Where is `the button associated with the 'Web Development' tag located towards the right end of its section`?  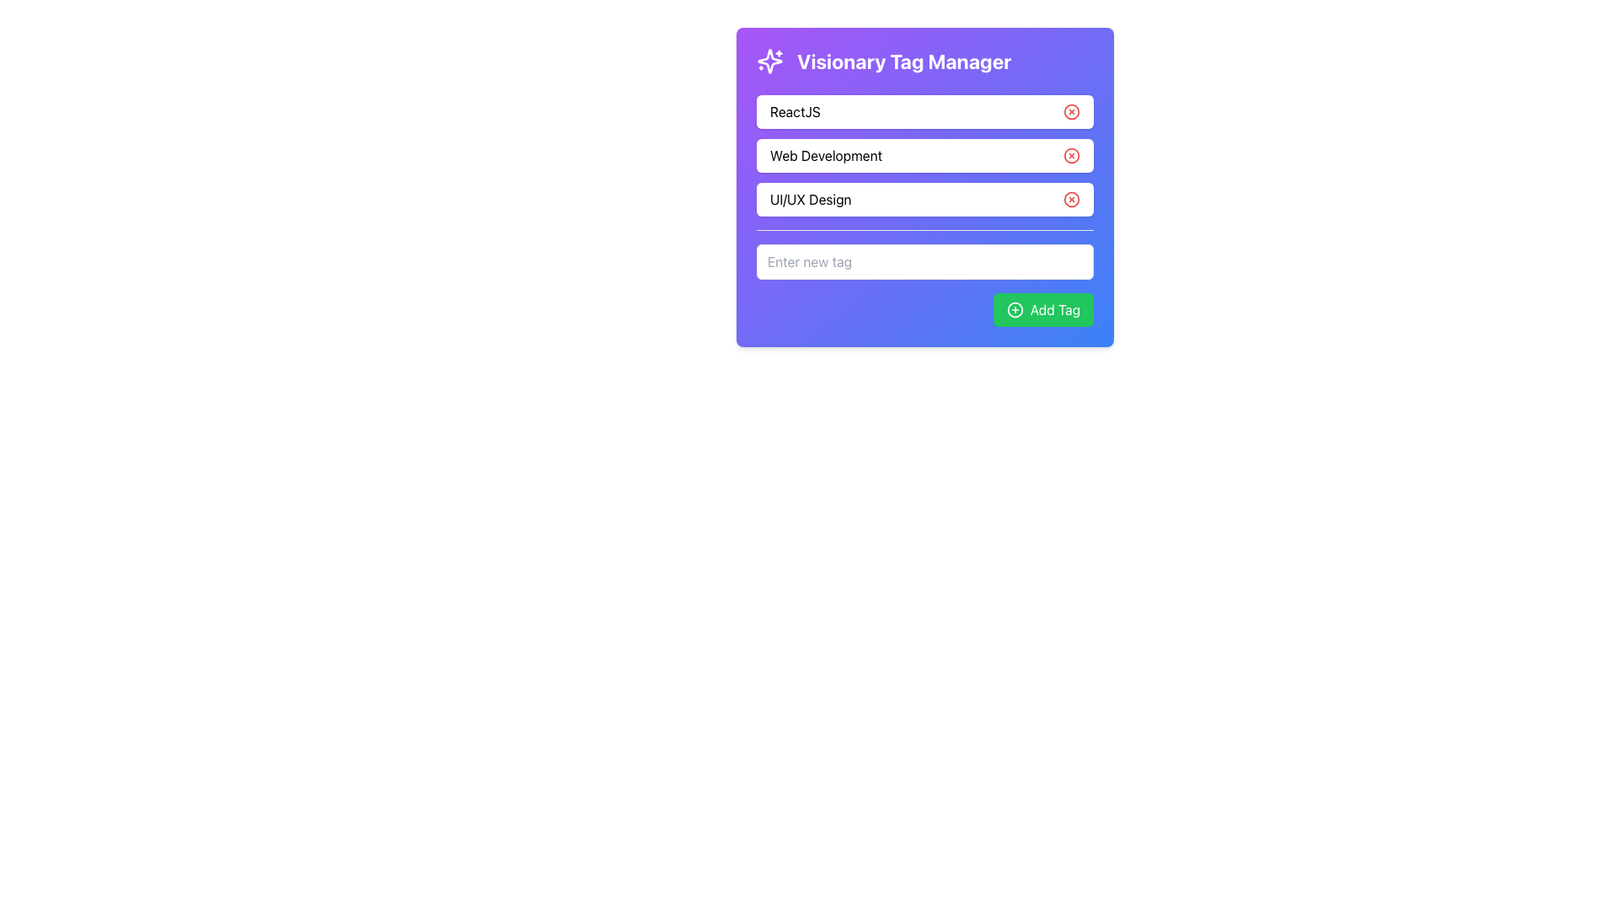
the button associated with the 'Web Development' tag located towards the right end of its section is located at coordinates (1071, 156).